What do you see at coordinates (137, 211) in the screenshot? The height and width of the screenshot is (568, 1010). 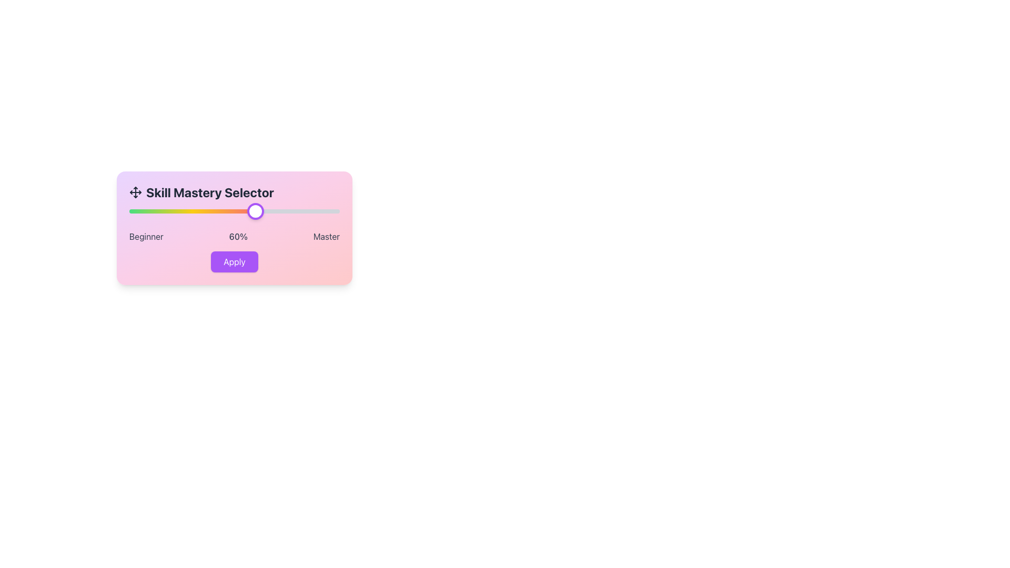 I see `the Skill Mastery level` at bounding box center [137, 211].